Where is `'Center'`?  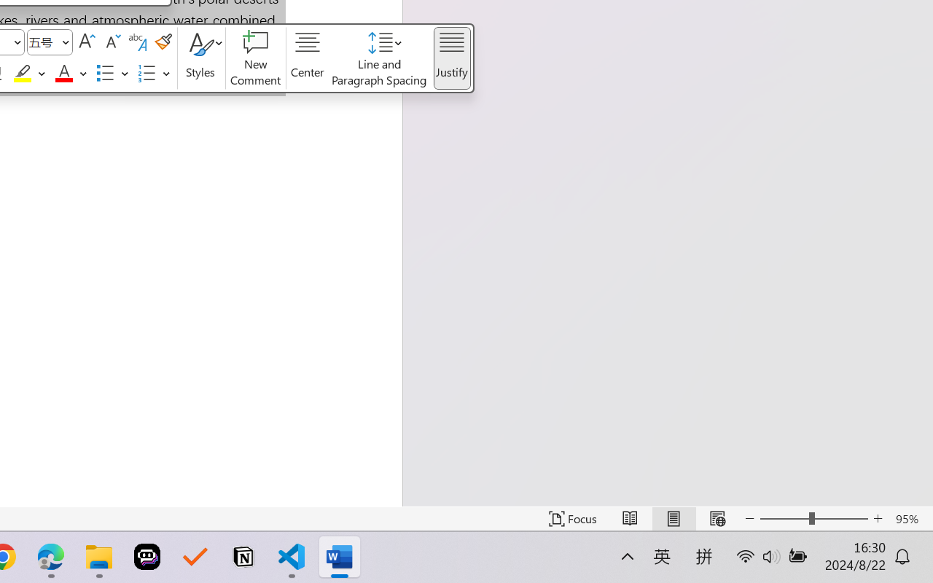 'Center' is located at coordinates (307, 58).